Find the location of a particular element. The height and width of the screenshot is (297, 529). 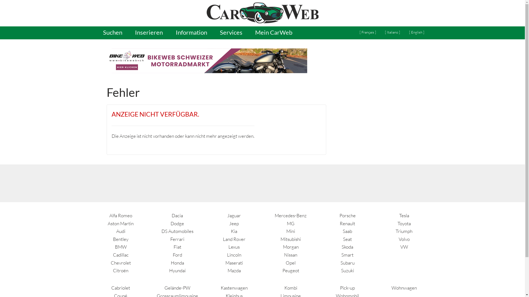

'Triumph' is located at coordinates (404, 231).